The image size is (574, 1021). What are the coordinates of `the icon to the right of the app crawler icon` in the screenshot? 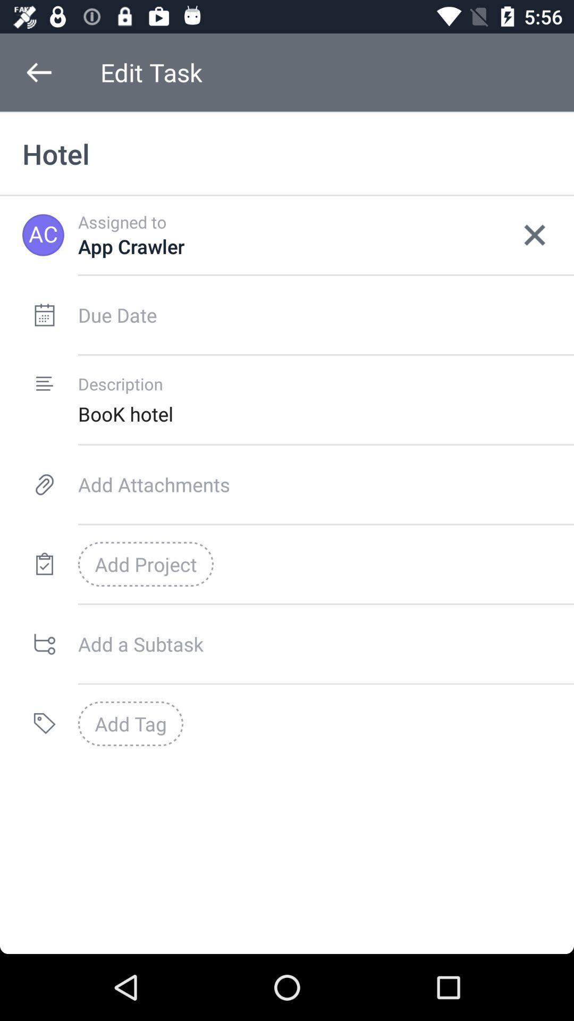 It's located at (535, 235).